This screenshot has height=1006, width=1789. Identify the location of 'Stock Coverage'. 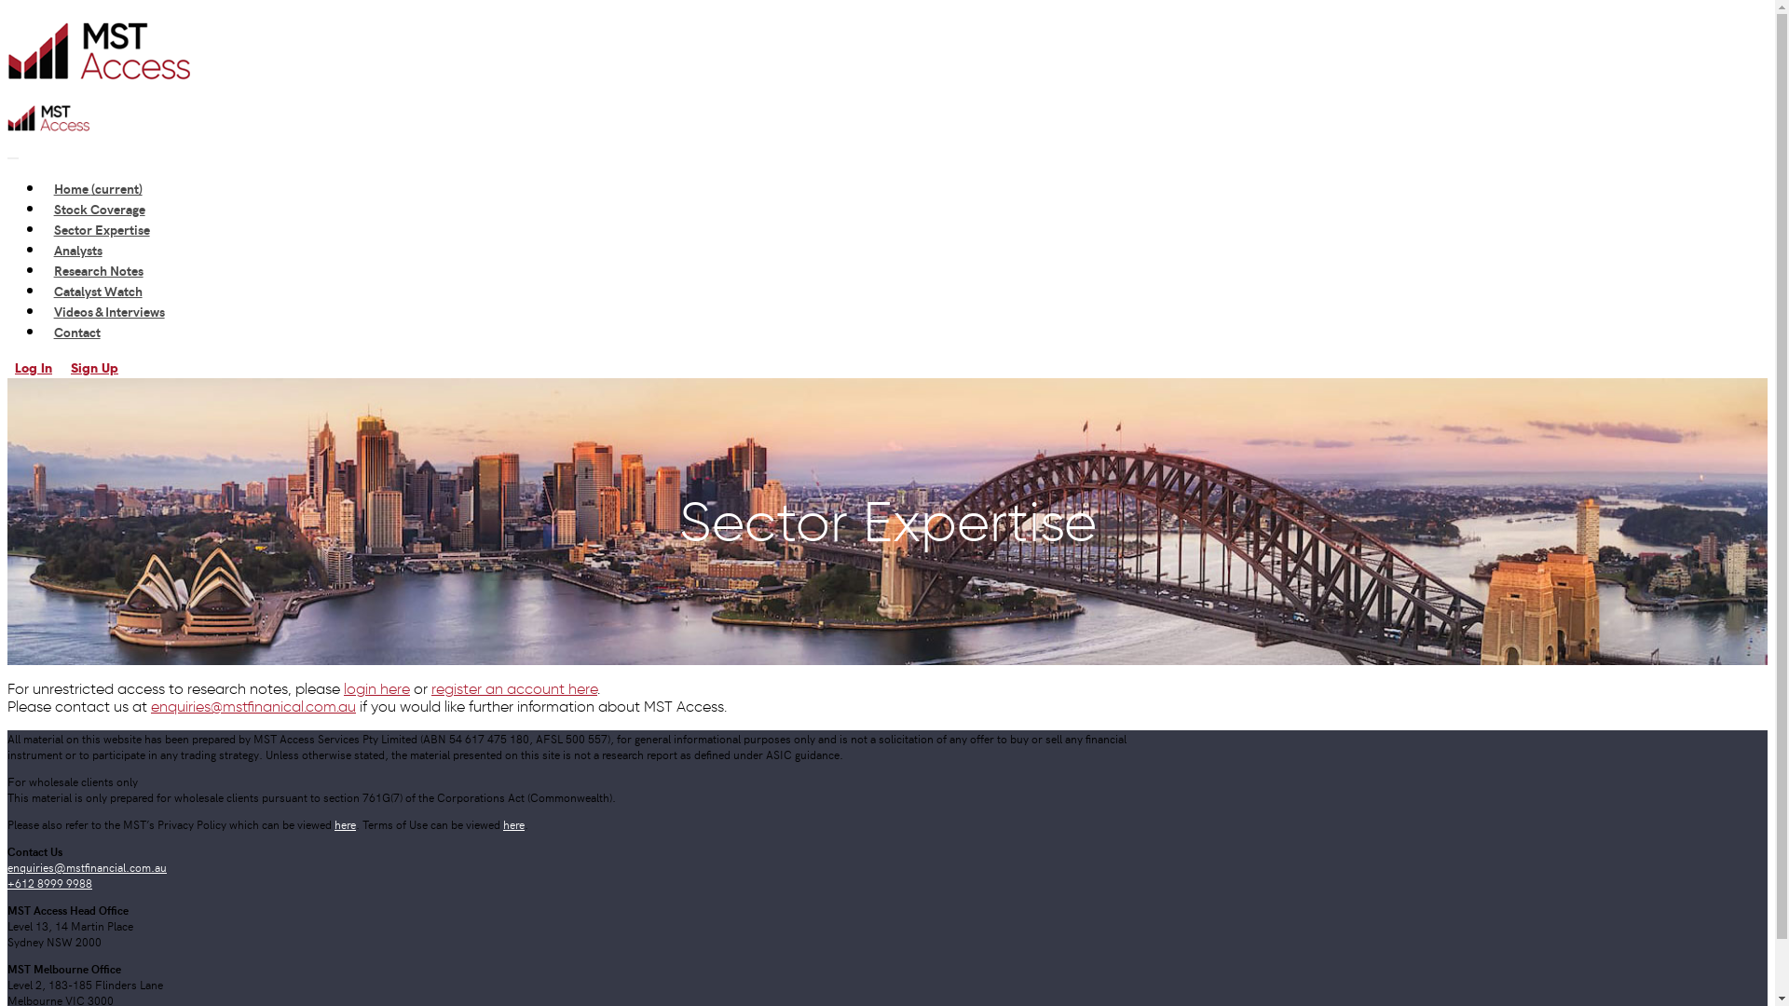
(98, 208).